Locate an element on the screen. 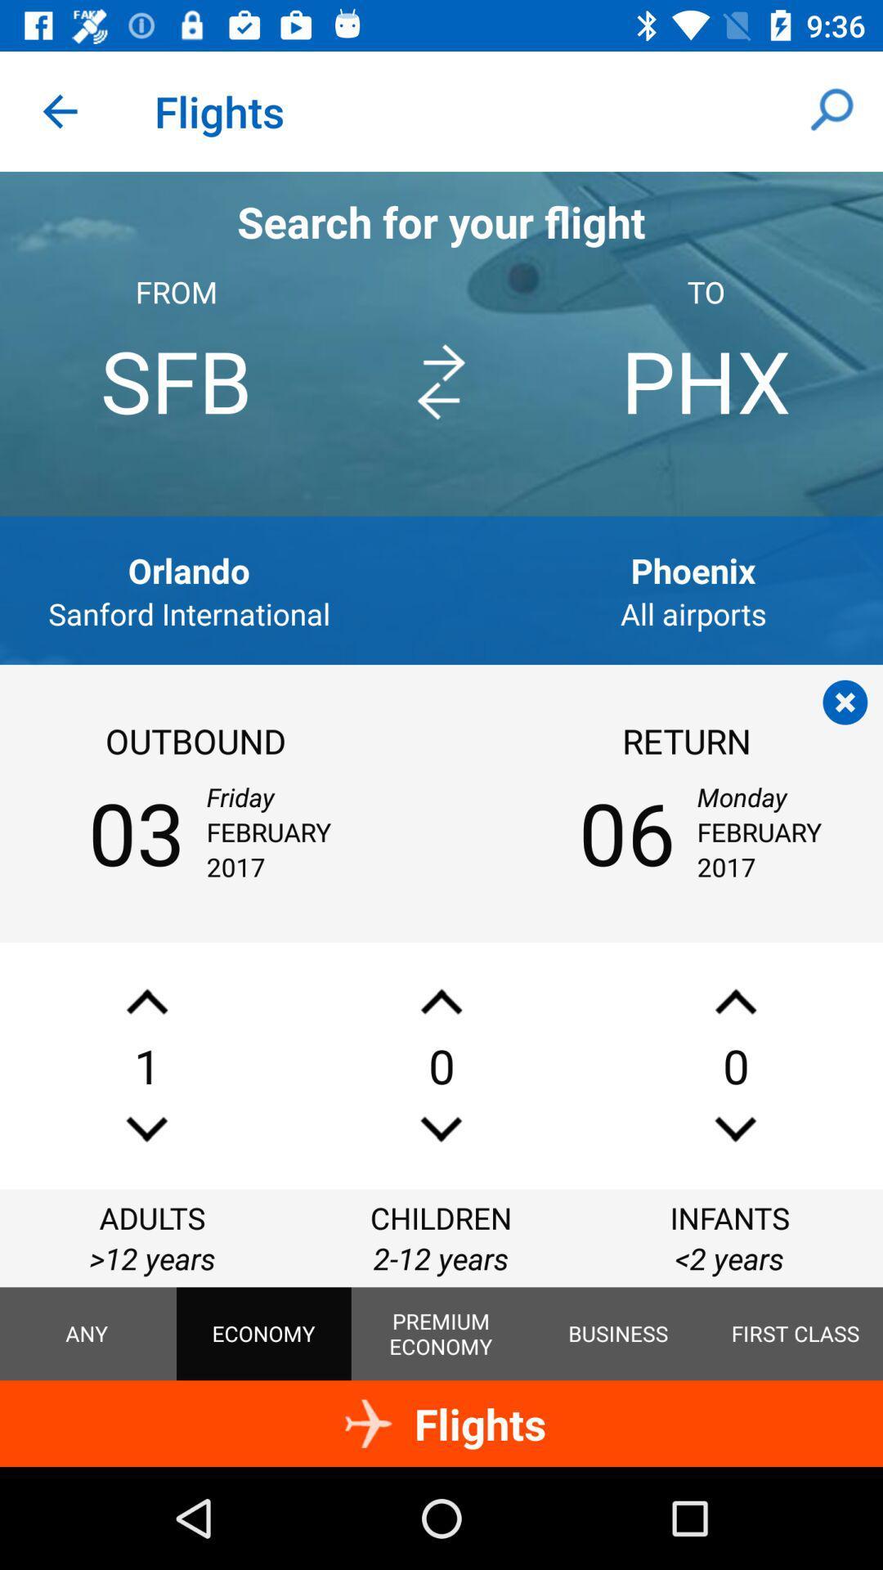 The image size is (883, 1570). click third aarow pointing down is located at coordinates (734, 1128).